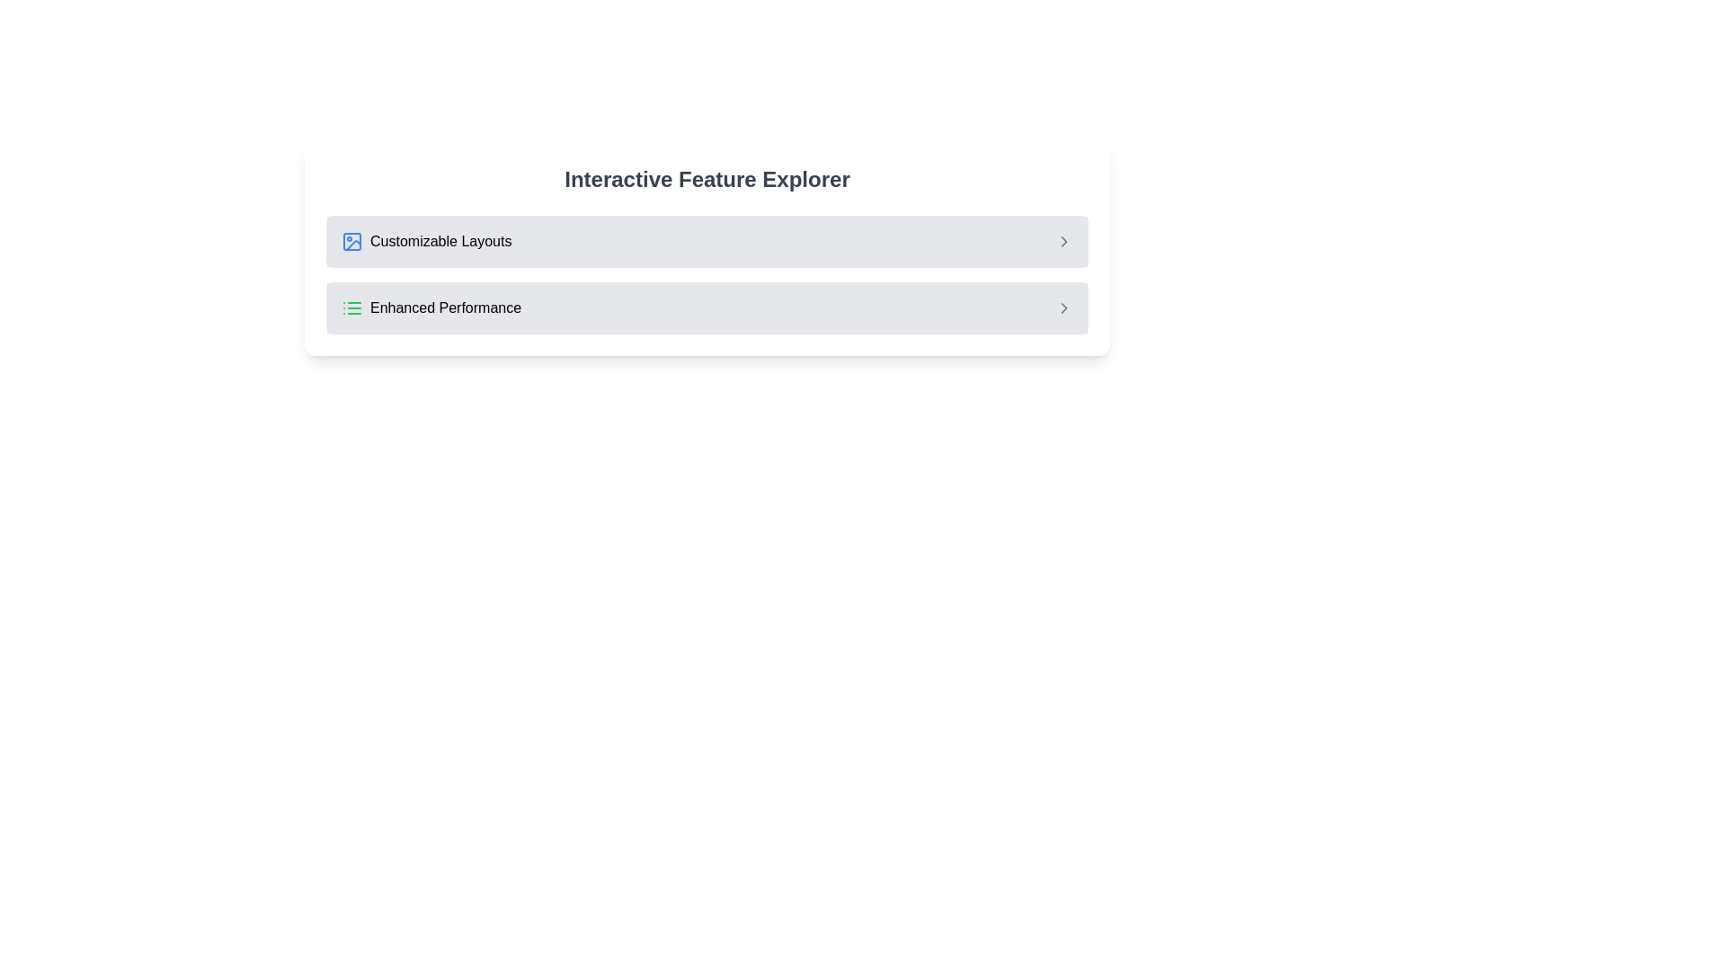 This screenshot has height=971, width=1726. I want to click on the icon representing the 'Enhanced Performance' feature located in the second row of the 'Interactive Feature Explorer' section, positioned to the left of the text, so click(352, 307).